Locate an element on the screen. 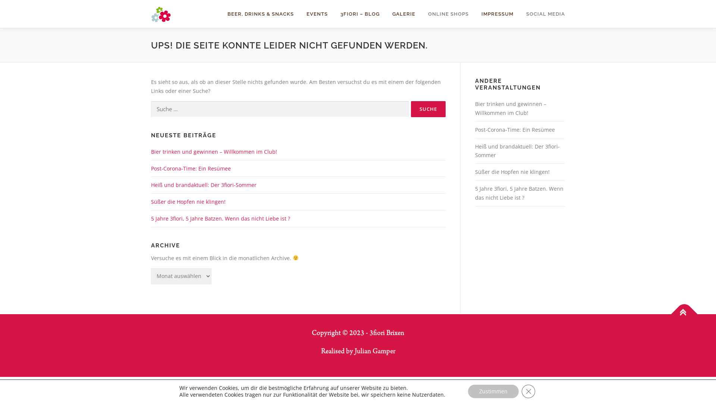  'Zustimmen' is located at coordinates (493, 391).